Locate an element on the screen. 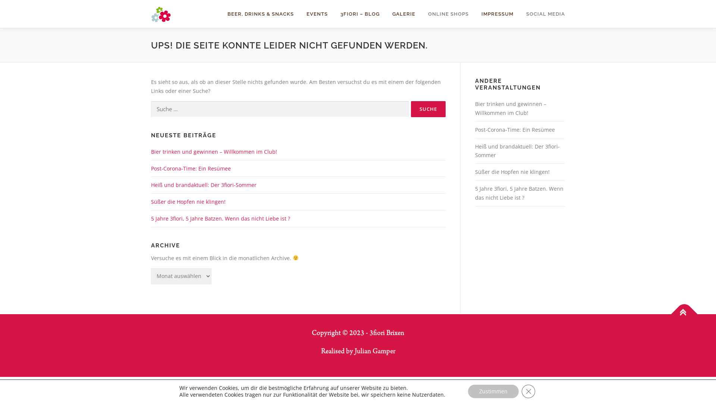  'Zustimmen' is located at coordinates (493, 391).